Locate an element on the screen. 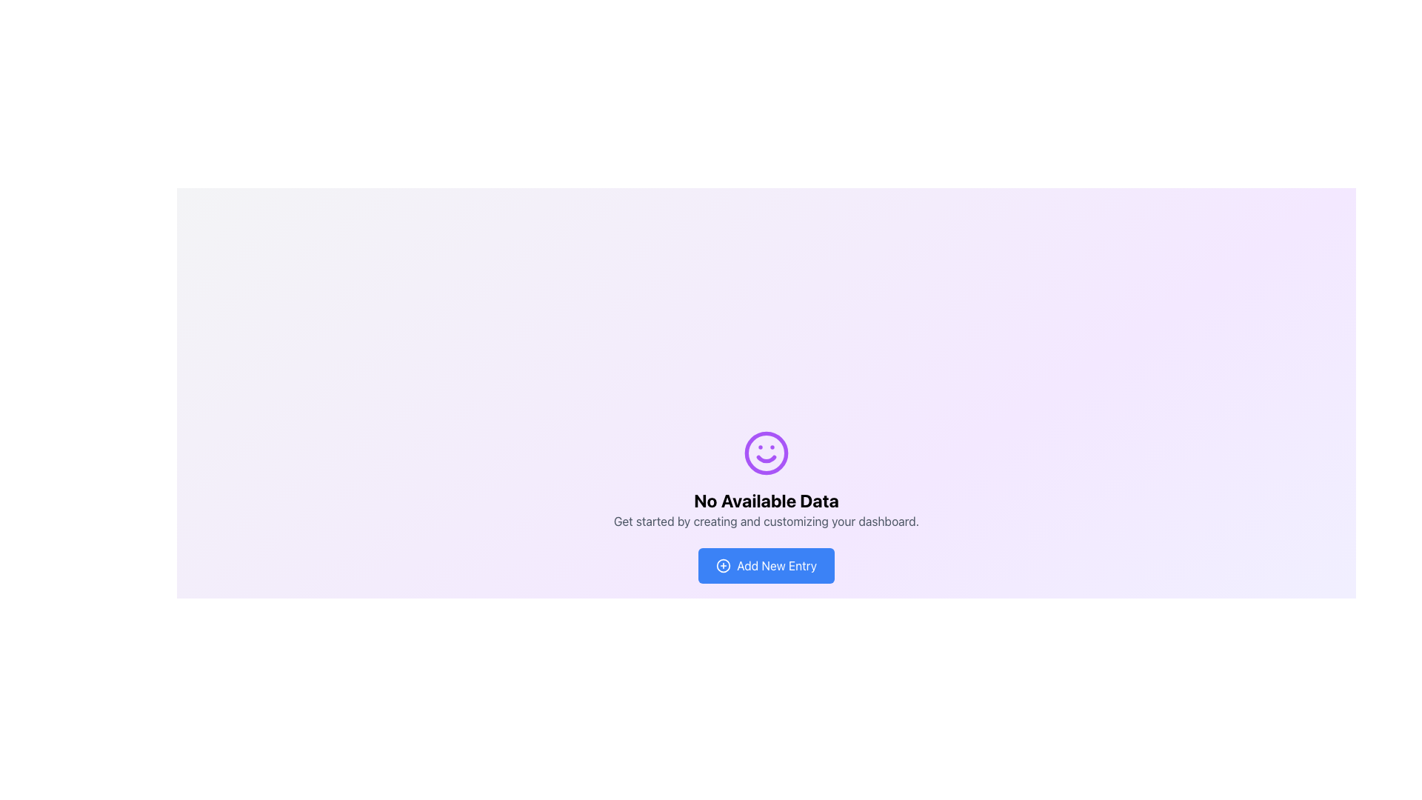 Image resolution: width=1422 pixels, height=800 pixels. the text block displaying 'No Available Data' along with the purple smiley face icon for accessibility purposes is located at coordinates (767, 480).